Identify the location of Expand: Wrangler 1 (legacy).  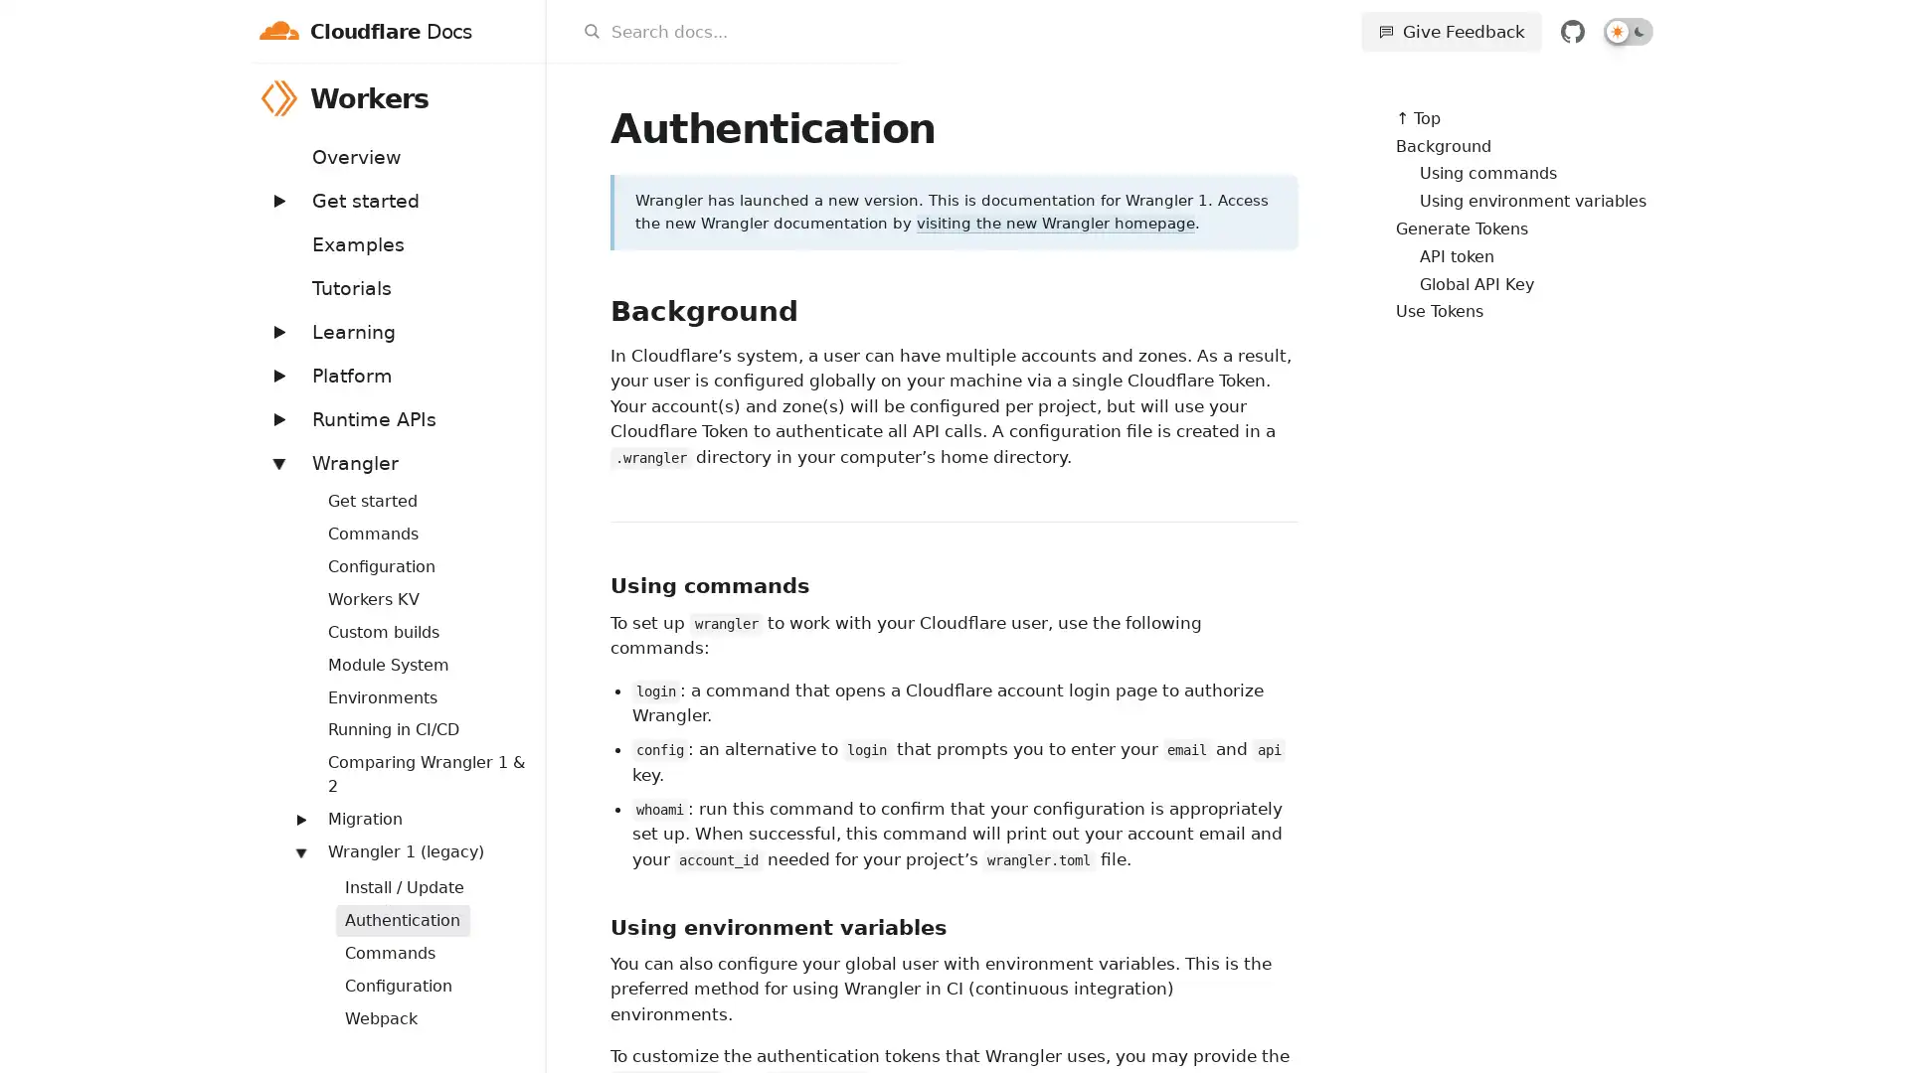
(299, 849).